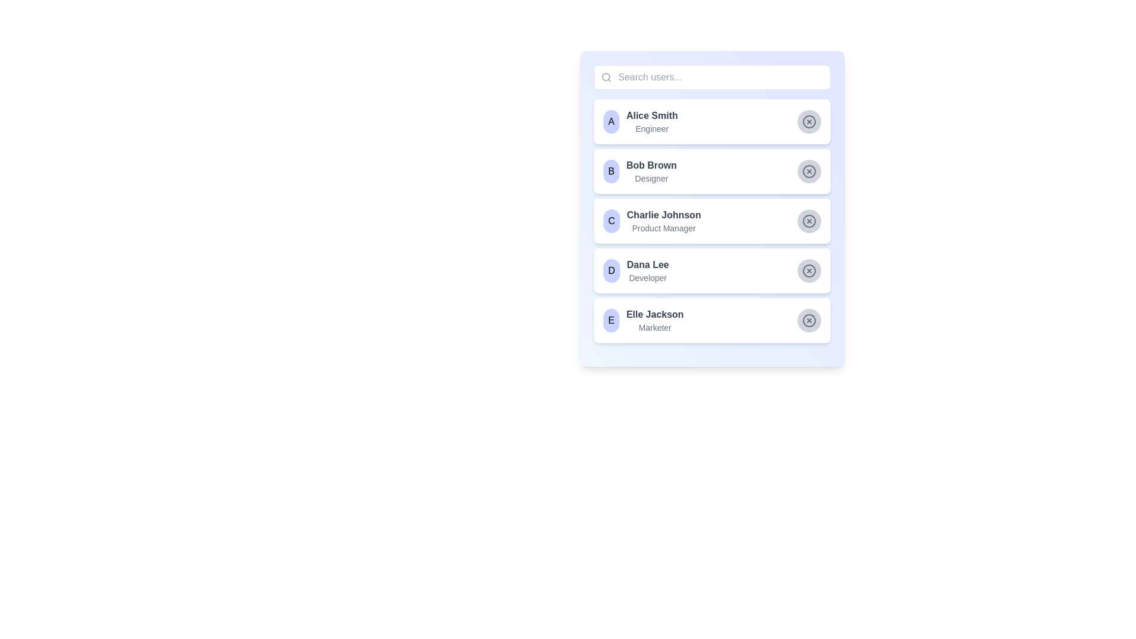 Image resolution: width=1136 pixels, height=639 pixels. Describe the element at coordinates (647, 271) in the screenshot. I see `the text label indicating the user's name 'Dana Lee' and role 'Developer' located in the fourth row of the user list` at that location.